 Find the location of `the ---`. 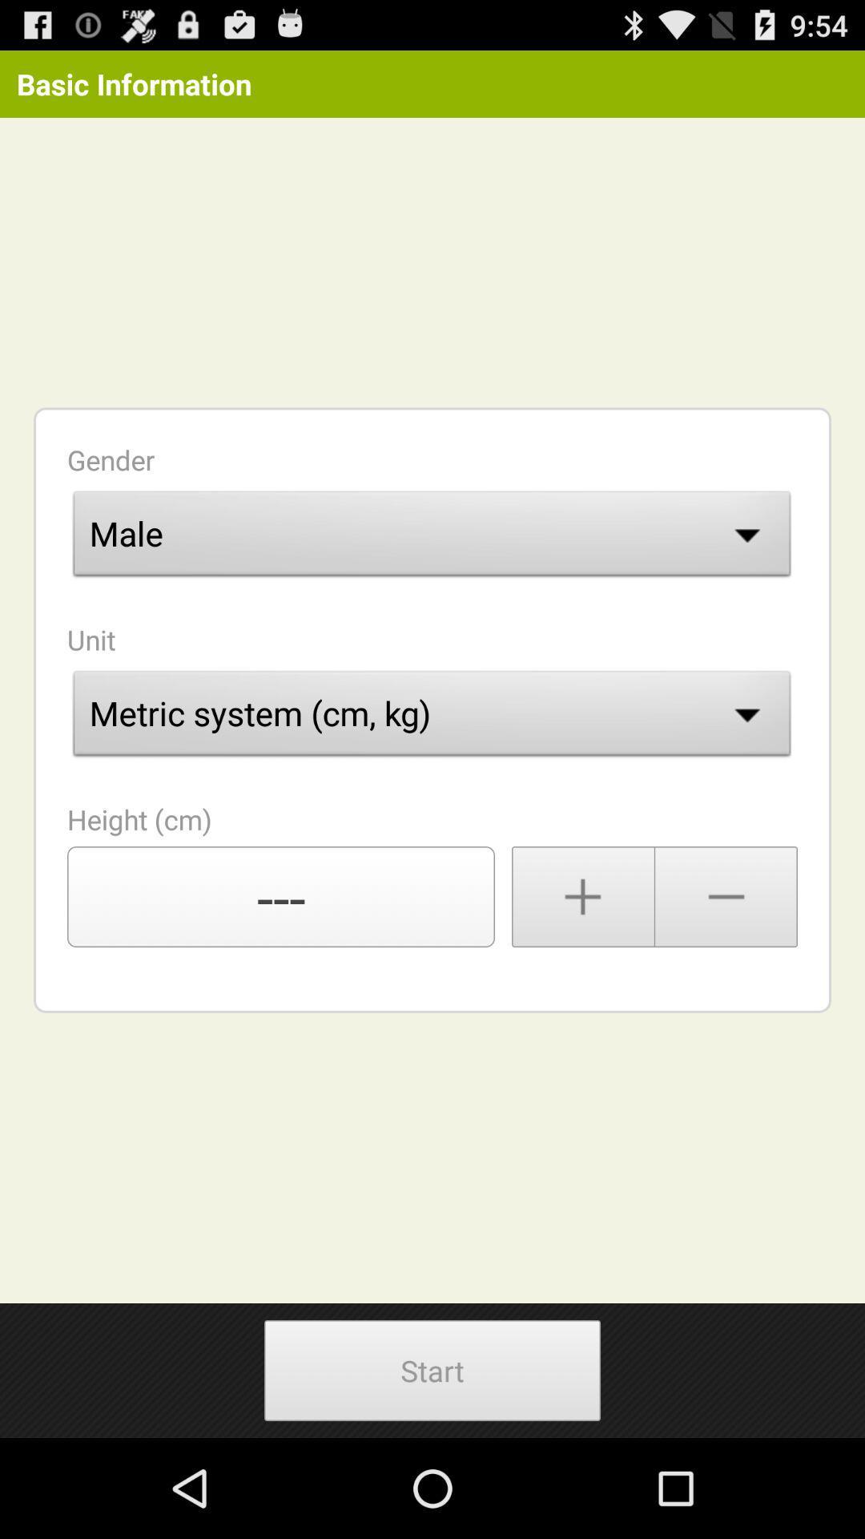

the --- is located at coordinates (280, 895).